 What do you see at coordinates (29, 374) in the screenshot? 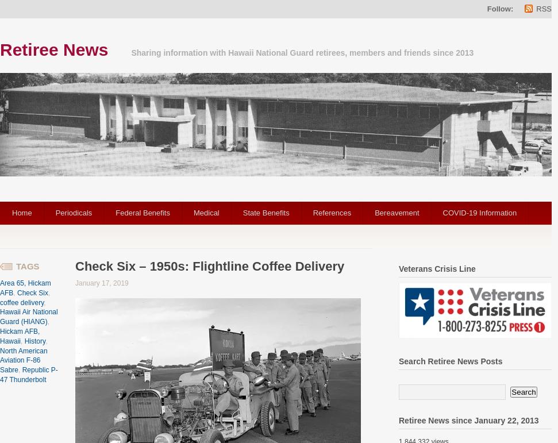
I see `'Republic P-47 Thunderbolt'` at bounding box center [29, 374].